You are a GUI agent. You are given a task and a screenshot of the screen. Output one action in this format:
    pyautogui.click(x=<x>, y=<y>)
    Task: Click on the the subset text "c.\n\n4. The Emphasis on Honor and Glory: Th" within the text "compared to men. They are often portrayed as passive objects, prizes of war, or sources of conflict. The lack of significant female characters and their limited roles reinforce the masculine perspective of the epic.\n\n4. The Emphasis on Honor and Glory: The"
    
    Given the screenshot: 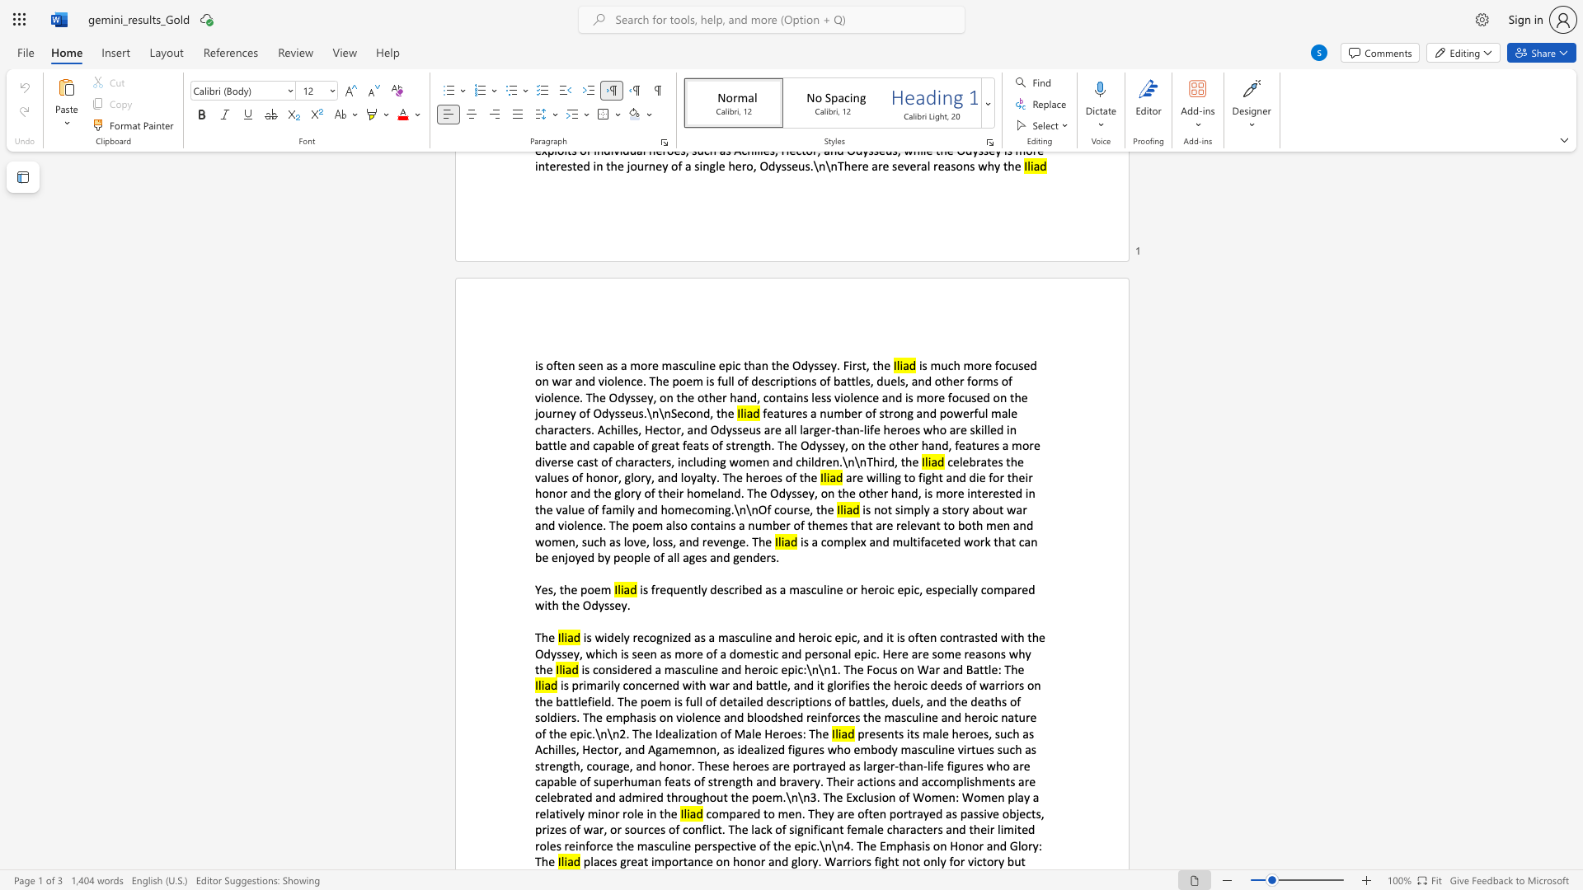 What is the action you would take?
    pyautogui.click(x=810, y=845)
    